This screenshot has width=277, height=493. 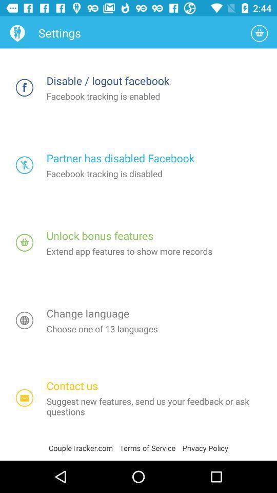 I want to click on icon next to contact us icon, so click(x=25, y=397).